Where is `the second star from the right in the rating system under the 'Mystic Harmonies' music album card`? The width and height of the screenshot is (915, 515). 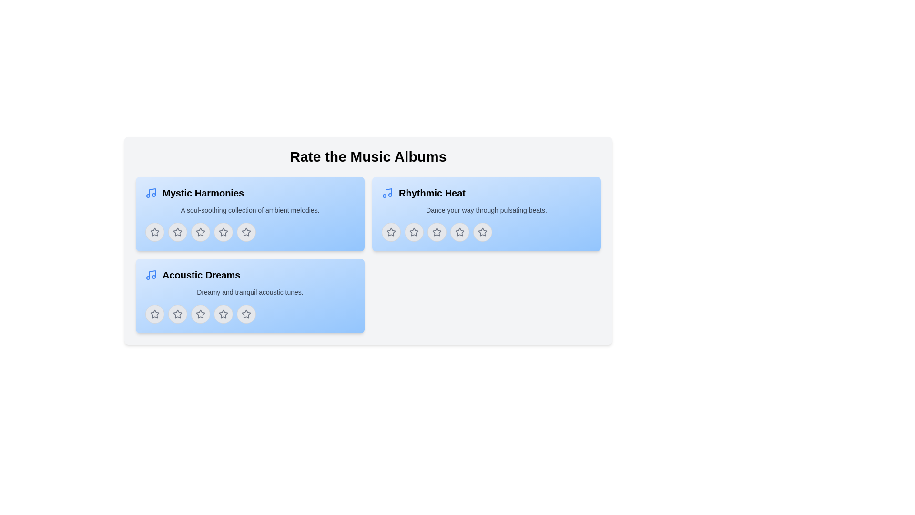
the second star from the right in the rating system under the 'Mystic Harmonies' music album card is located at coordinates (246, 232).